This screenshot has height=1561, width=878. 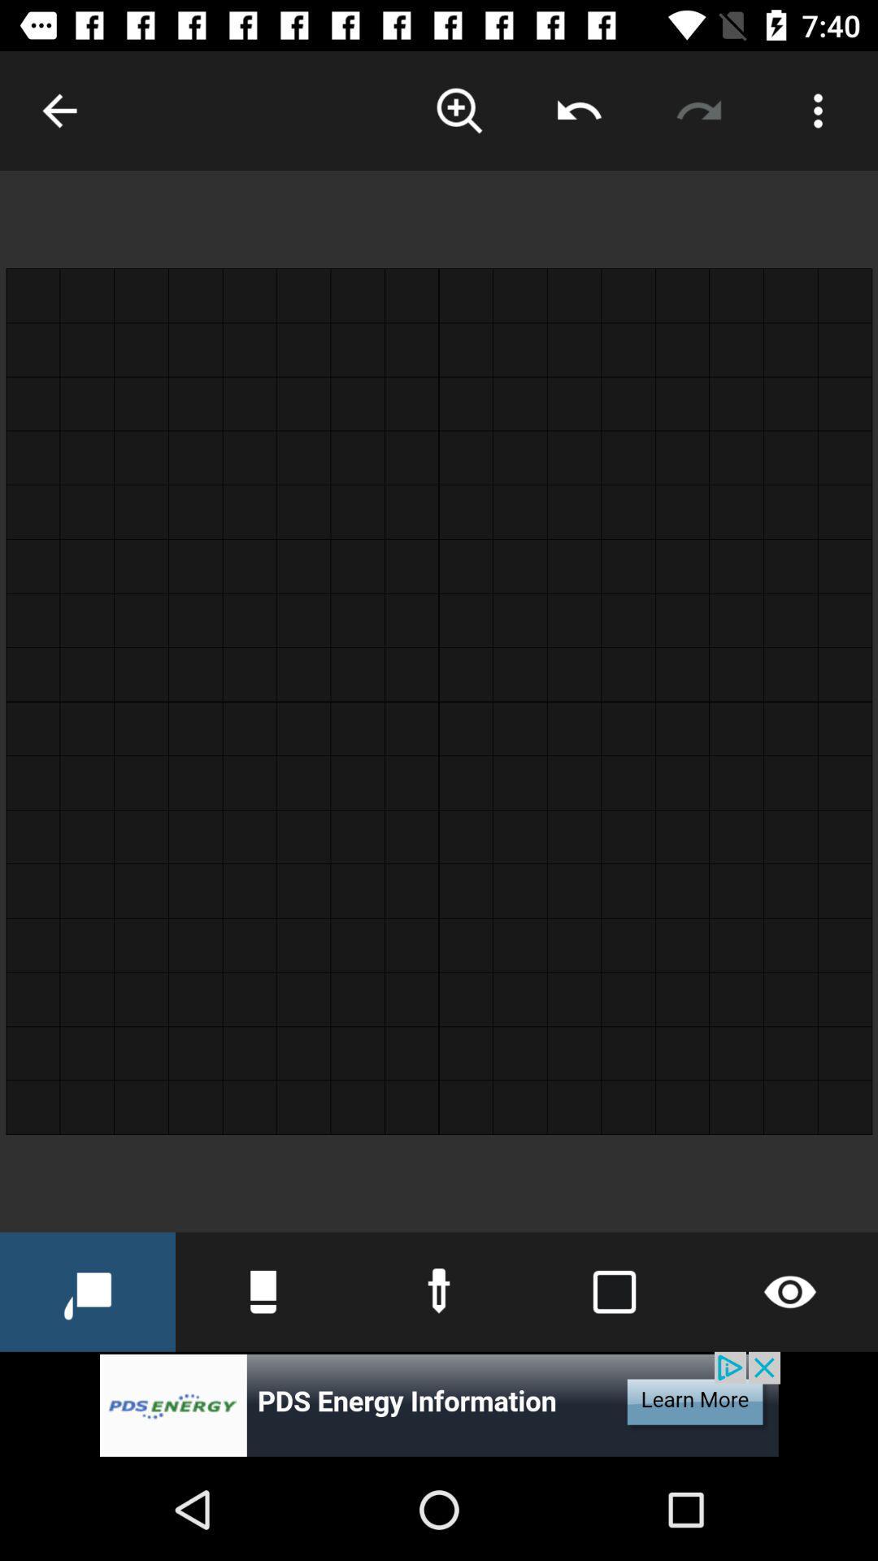 I want to click on option, so click(x=818, y=110).